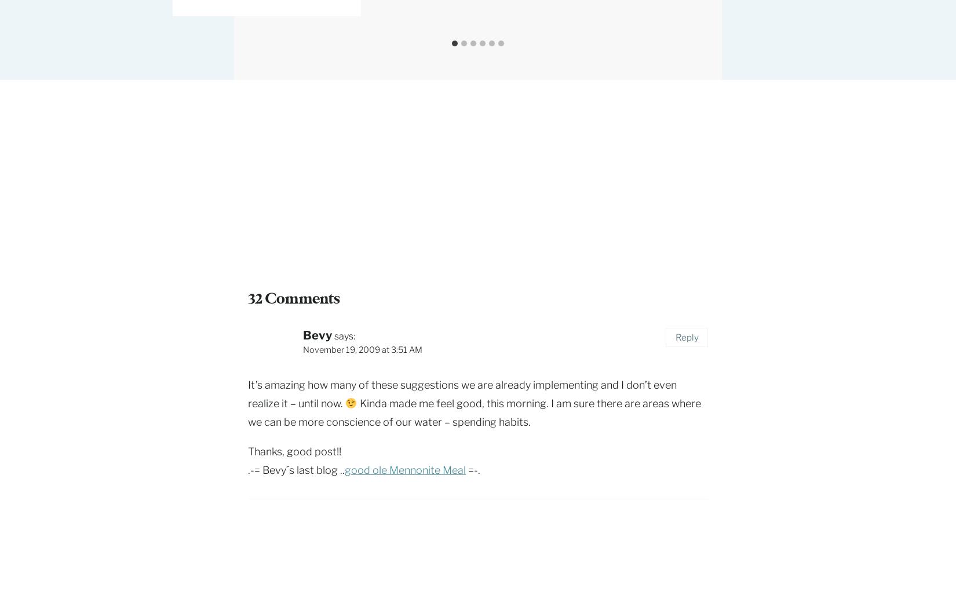 This screenshot has width=956, height=599. I want to click on '=-.', so click(465, 469).